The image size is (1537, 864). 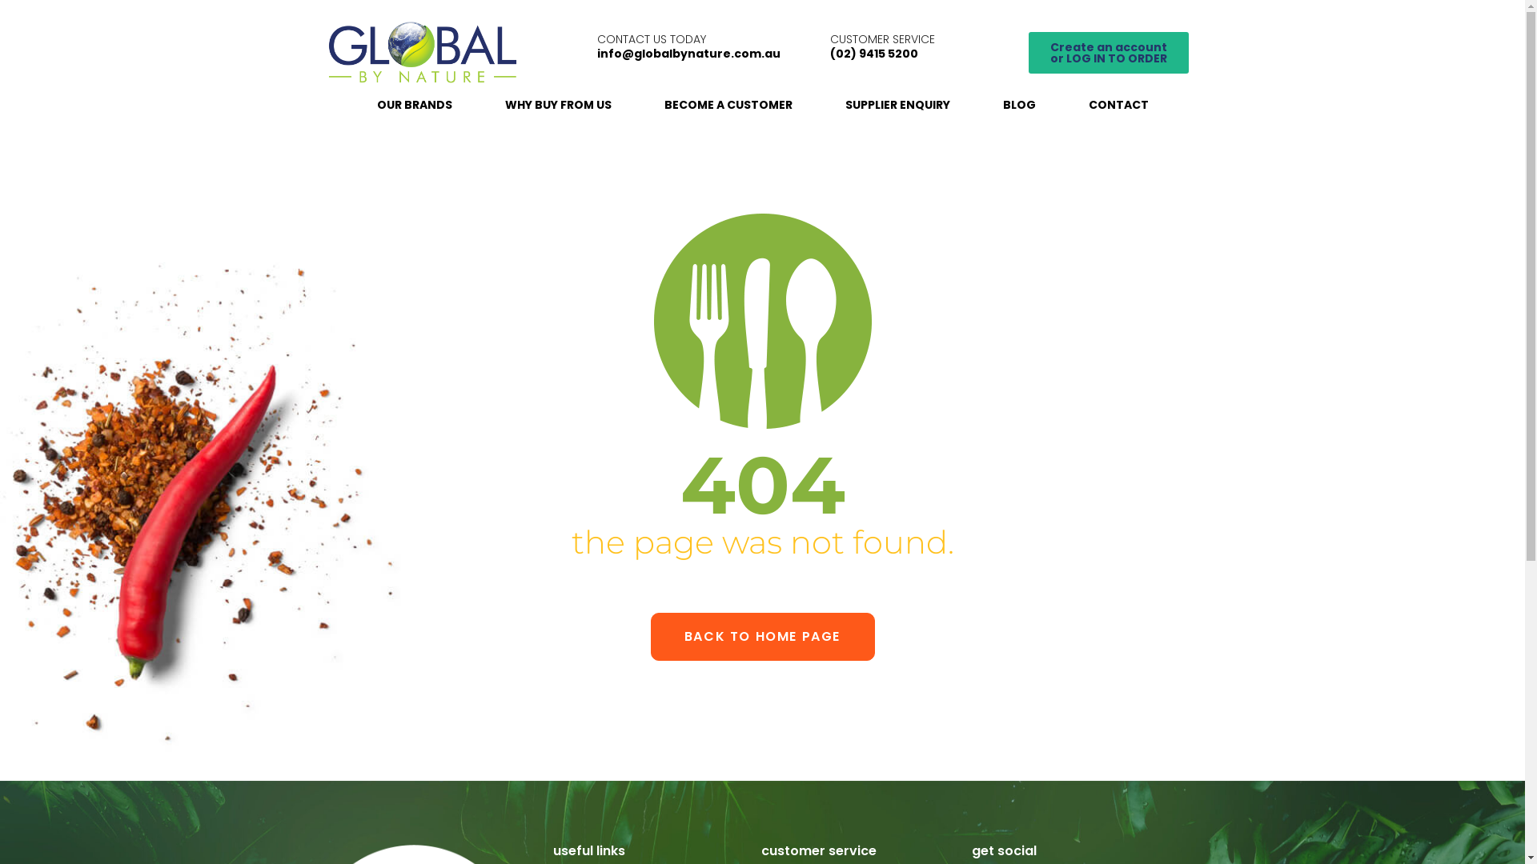 What do you see at coordinates (1108, 51) in the screenshot?
I see `'Create an account or LOG IN TO ORDER'` at bounding box center [1108, 51].